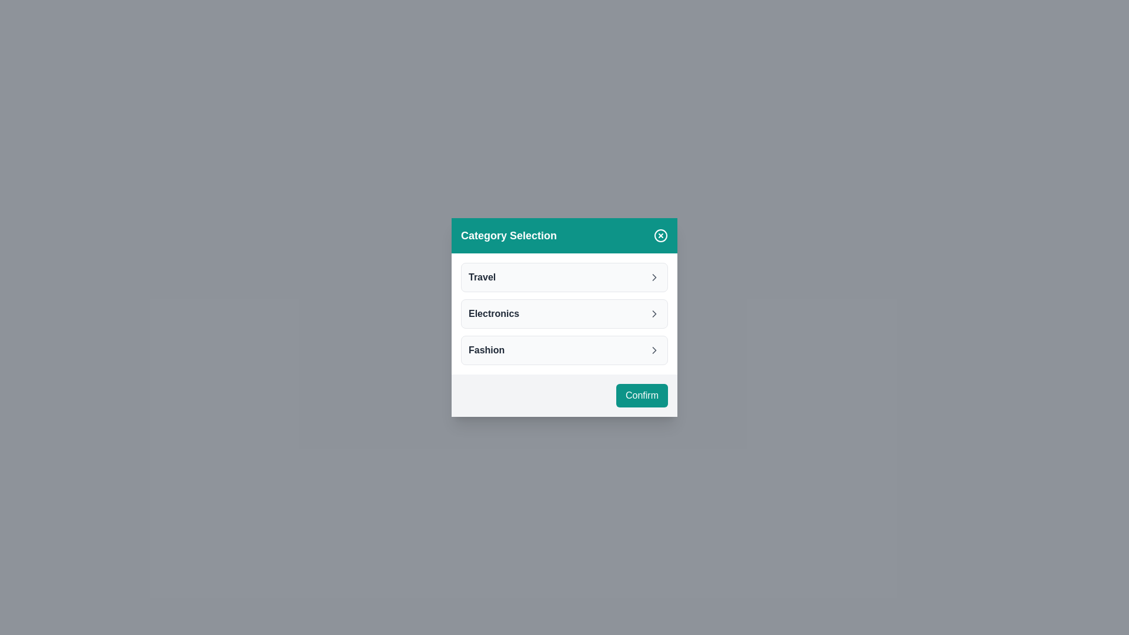 This screenshot has height=635, width=1129. What do you see at coordinates (641, 395) in the screenshot?
I see `the 'Confirm' button to save the selection` at bounding box center [641, 395].